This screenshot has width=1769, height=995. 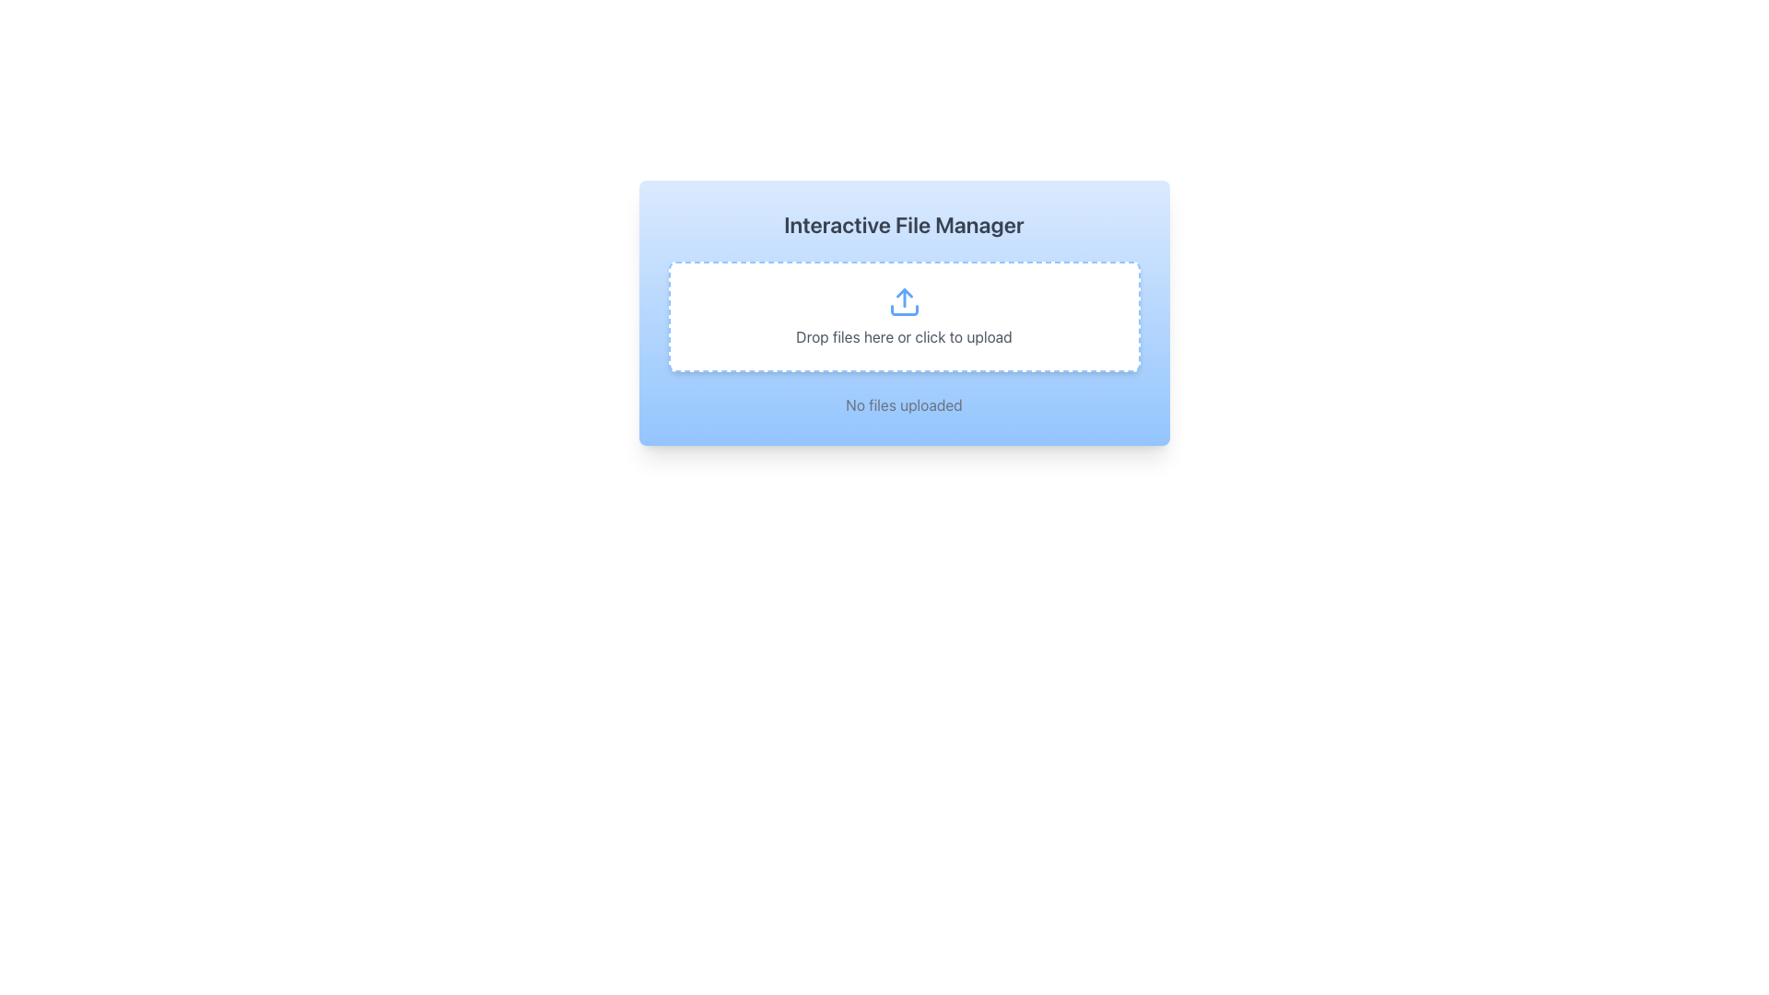 What do you see at coordinates (904, 292) in the screenshot?
I see `the upward triangle icon within the central file upload area, which symbolizes the upload action` at bounding box center [904, 292].